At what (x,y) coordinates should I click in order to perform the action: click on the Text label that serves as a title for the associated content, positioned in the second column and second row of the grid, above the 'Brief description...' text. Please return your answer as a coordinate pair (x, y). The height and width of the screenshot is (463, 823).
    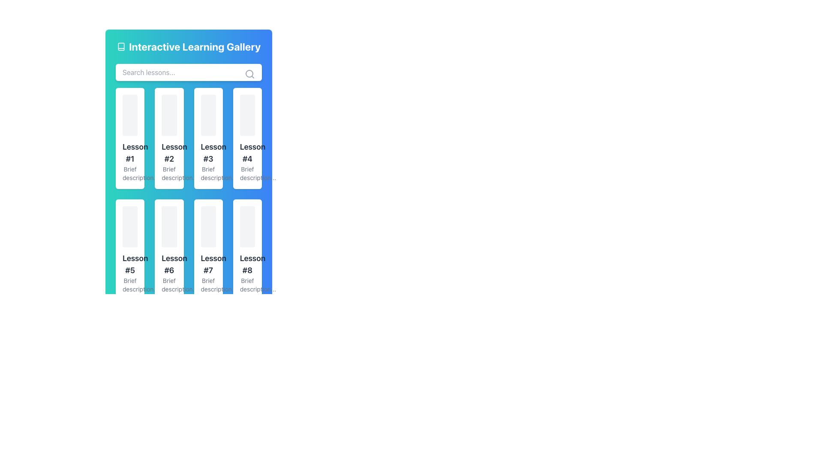
    Looking at the image, I should click on (247, 153).